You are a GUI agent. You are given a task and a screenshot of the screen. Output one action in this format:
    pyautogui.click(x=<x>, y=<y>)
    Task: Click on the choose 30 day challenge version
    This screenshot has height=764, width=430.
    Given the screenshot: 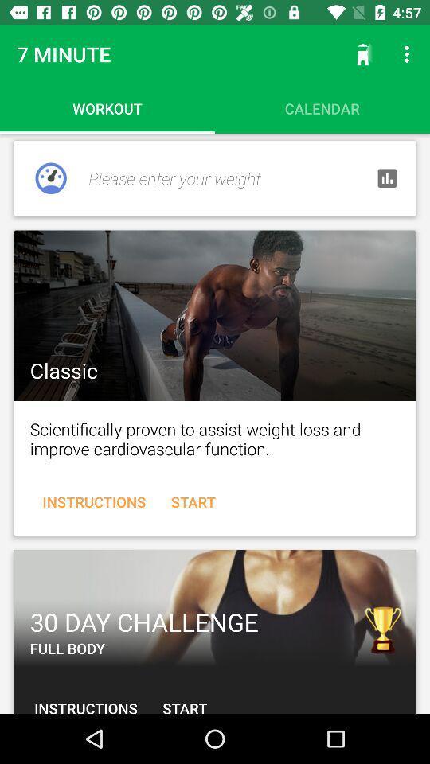 What is the action you would take?
    pyautogui.click(x=215, y=607)
    